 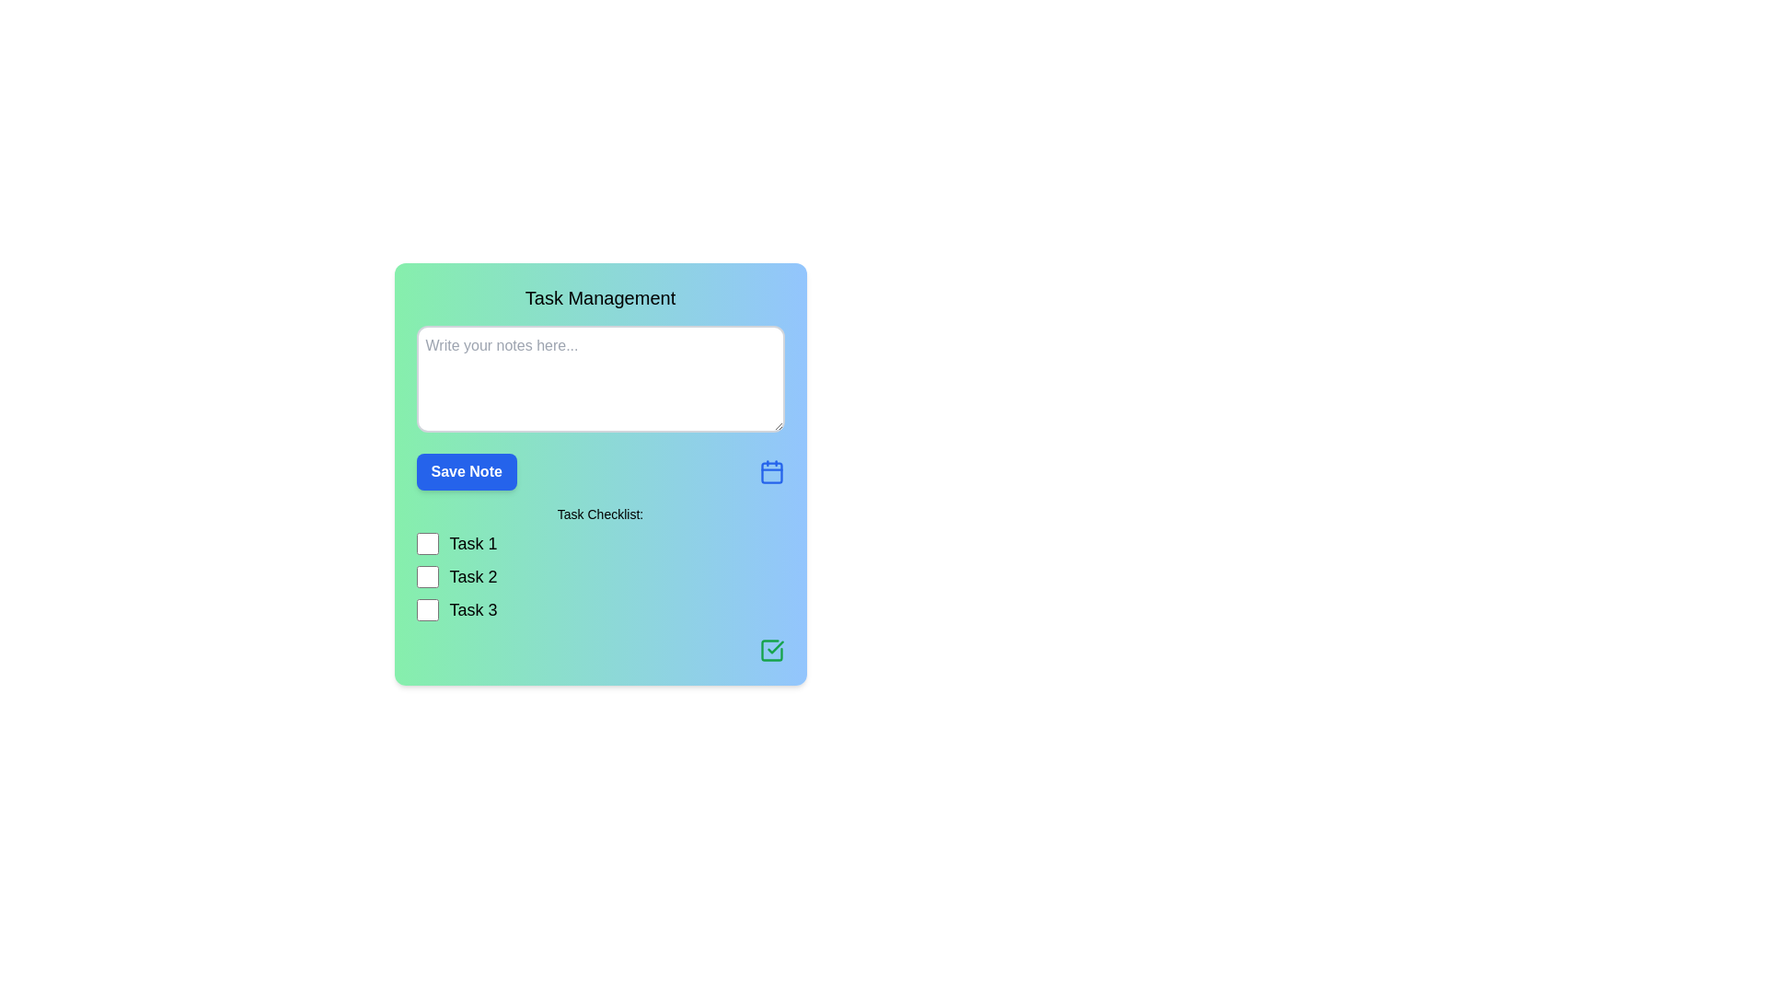 I want to click on the checkbox in the 'Task Checklist:' section, so click(x=600, y=576).